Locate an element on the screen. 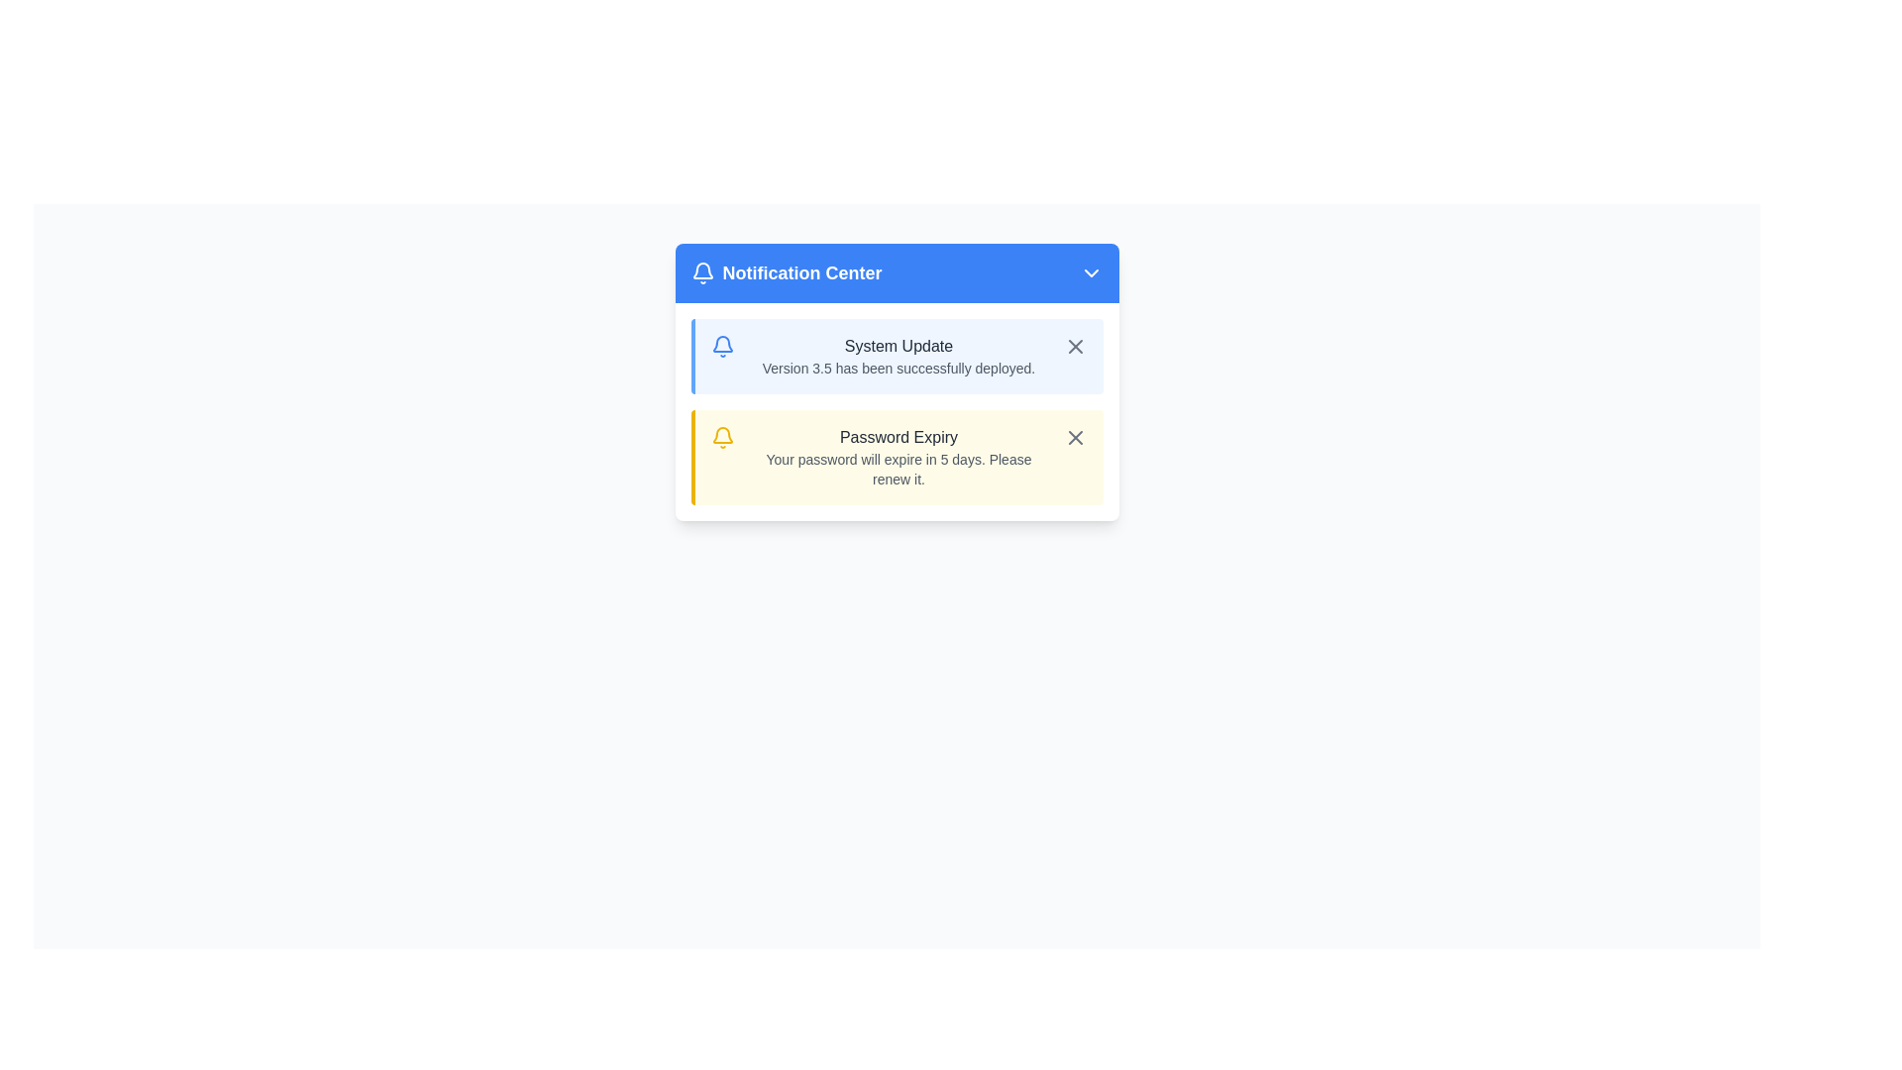 The width and height of the screenshot is (1902, 1070). the bell-shaped icon with a blue background and white outlines, located to the left of the 'Notification Center' text is located at coordinates (702, 273).